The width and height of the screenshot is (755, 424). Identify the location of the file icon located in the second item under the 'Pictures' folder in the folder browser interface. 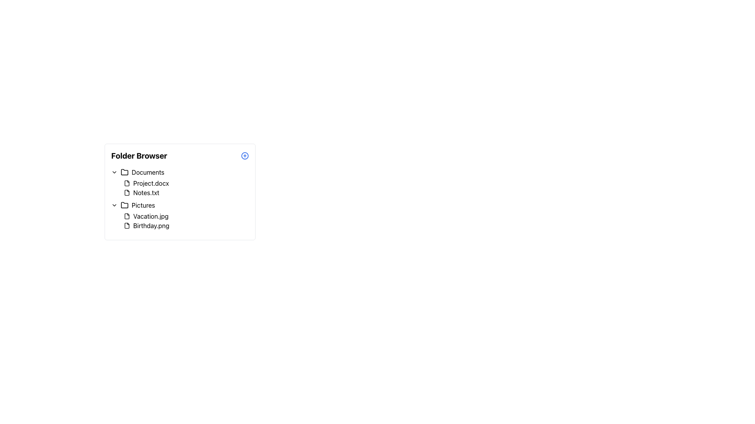
(127, 225).